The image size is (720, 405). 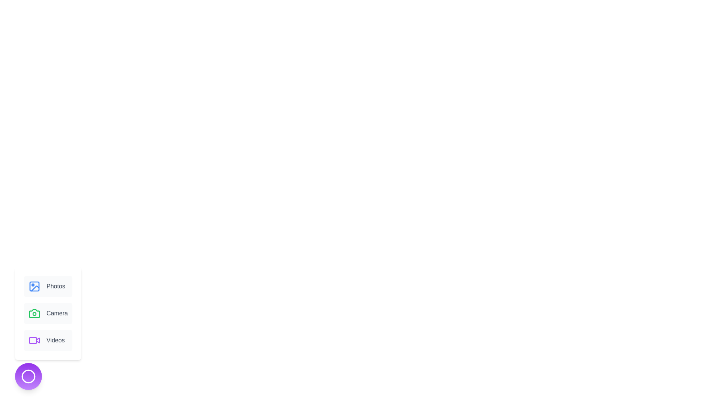 What do you see at coordinates (48, 340) in the screenshot?
I see `the Videos option from the available options` at bounding box center [48, 340].